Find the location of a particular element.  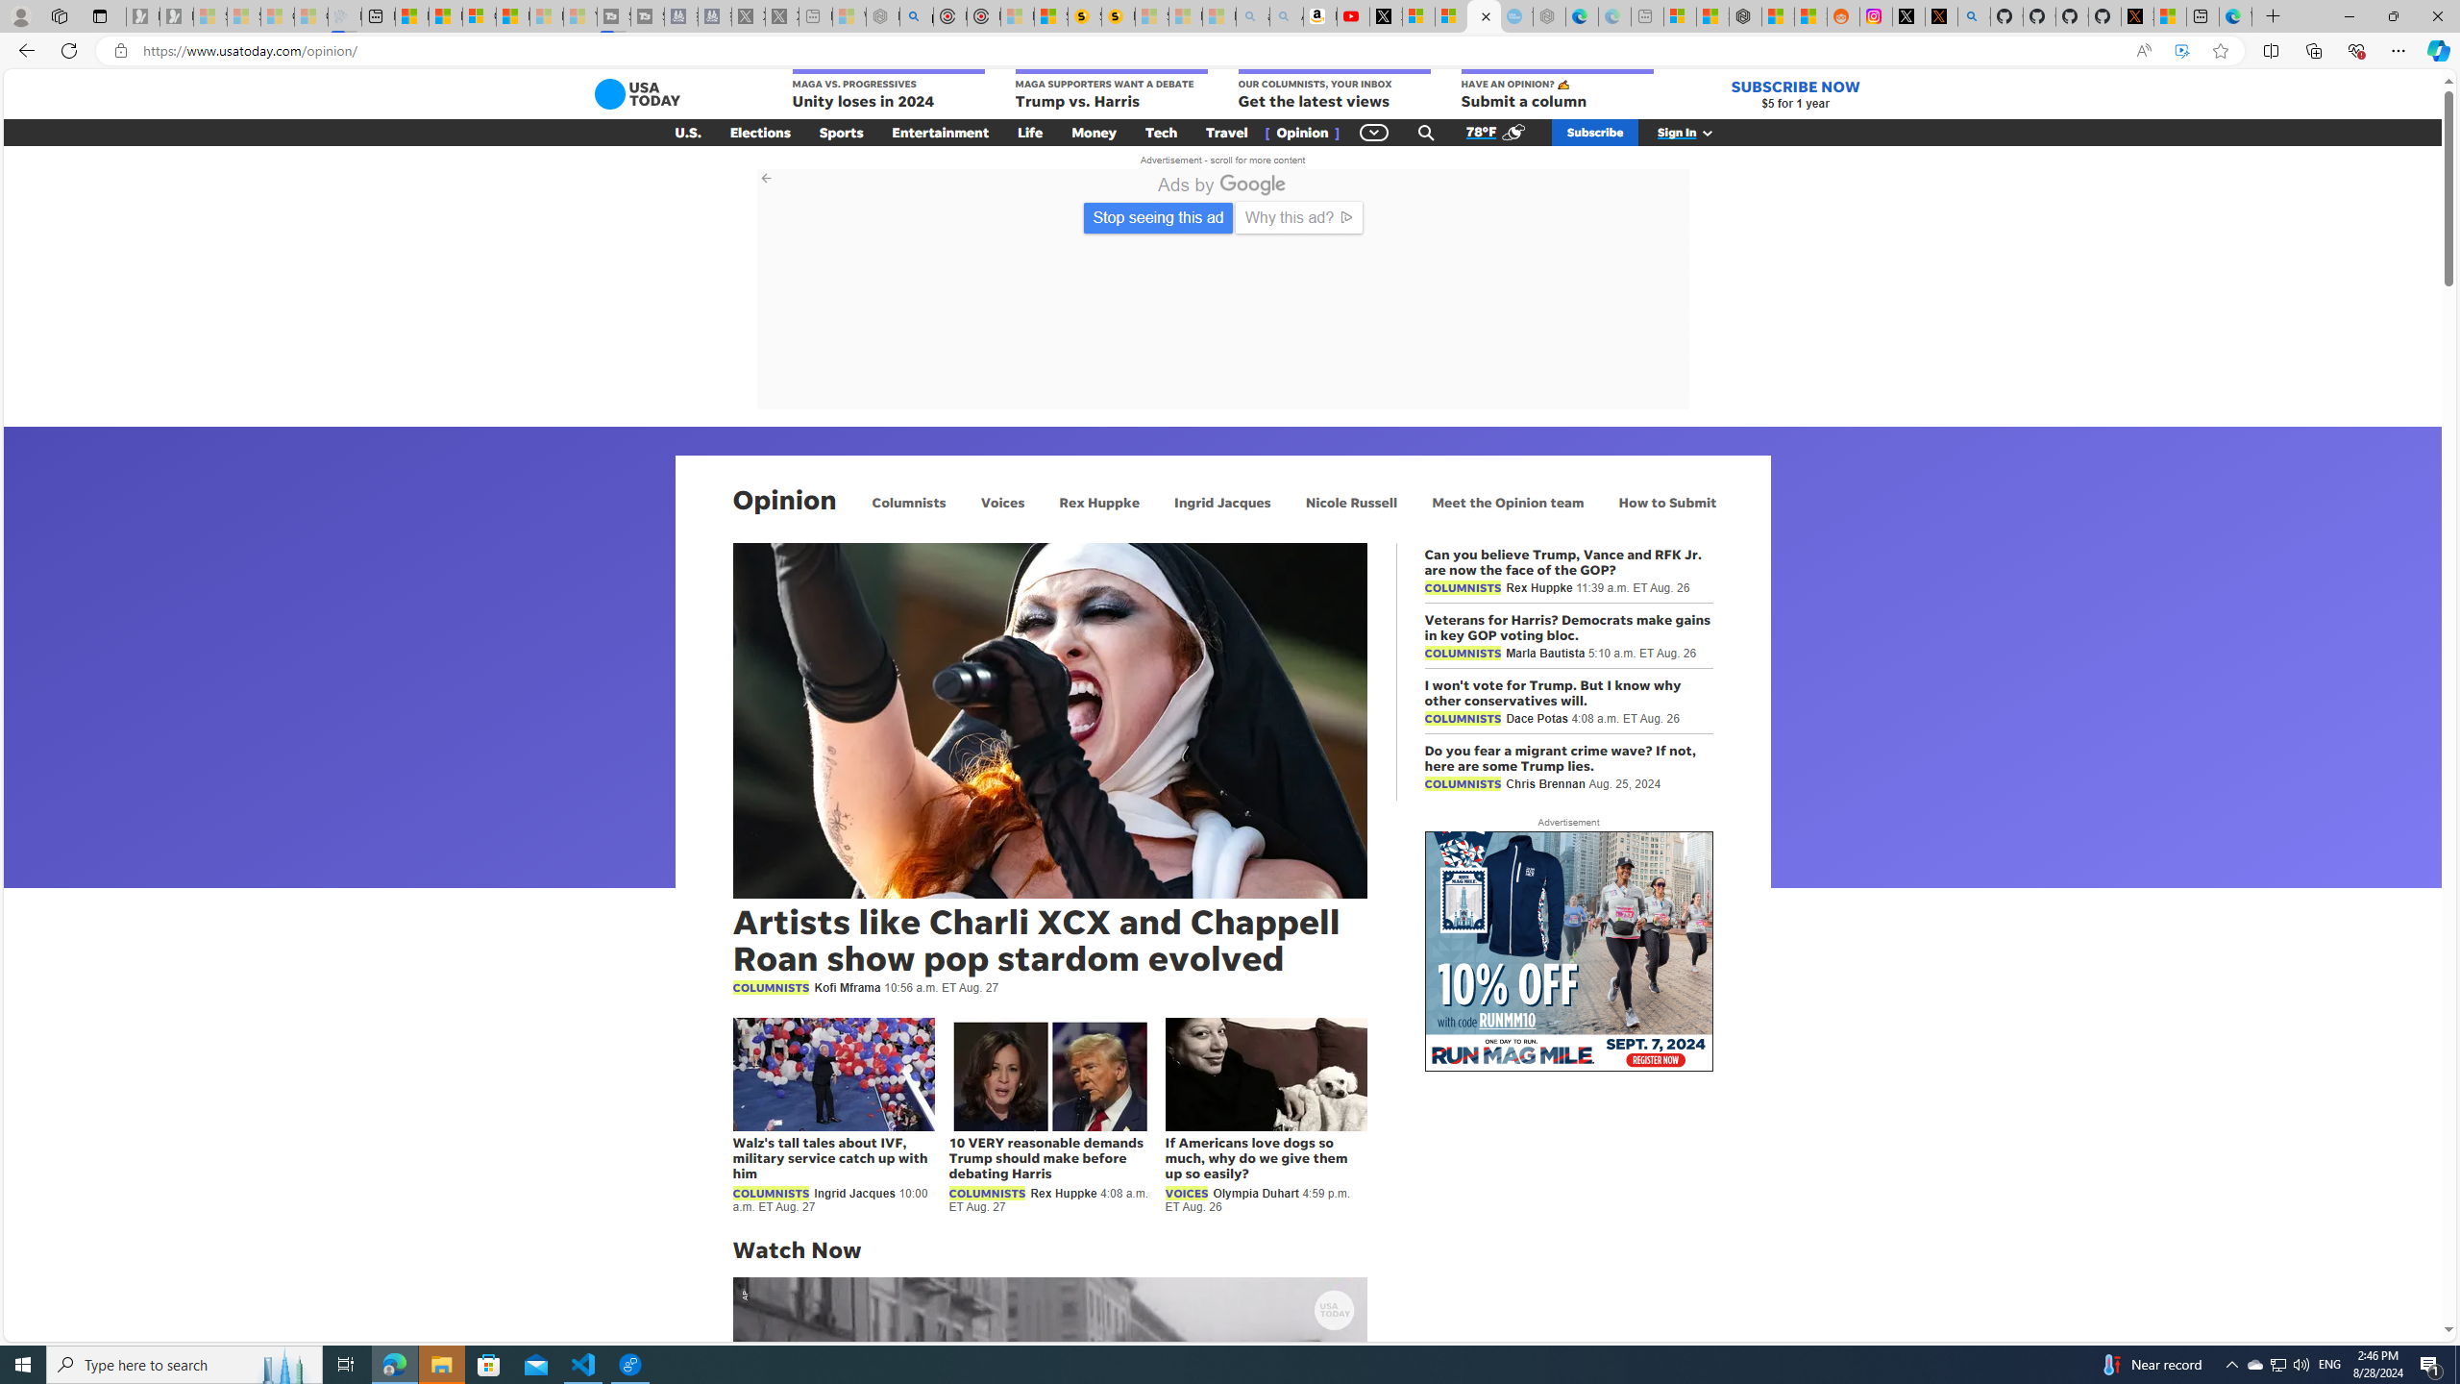

'Newsletter Sign Up - Sleeping' is located at coordinates (176, 15).